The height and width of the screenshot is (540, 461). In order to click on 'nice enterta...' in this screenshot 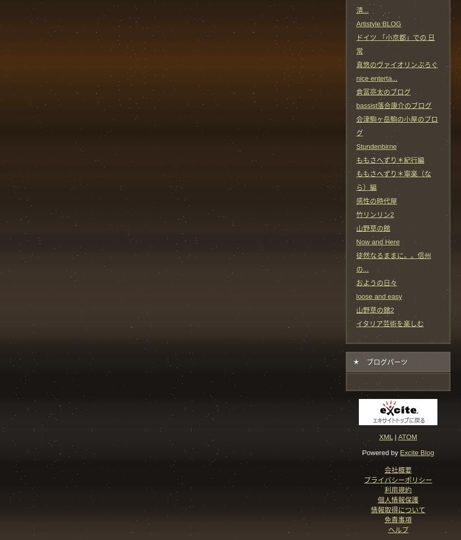, I will do `click(376, 77)`.